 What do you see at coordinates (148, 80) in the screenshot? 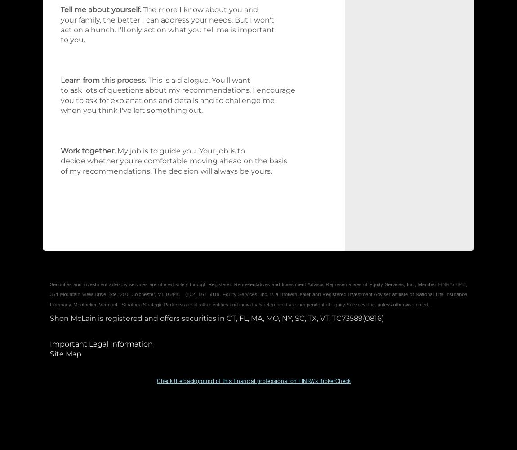
I see `'This is a dialogue. You'll want'` at bounding box center [148, 80].